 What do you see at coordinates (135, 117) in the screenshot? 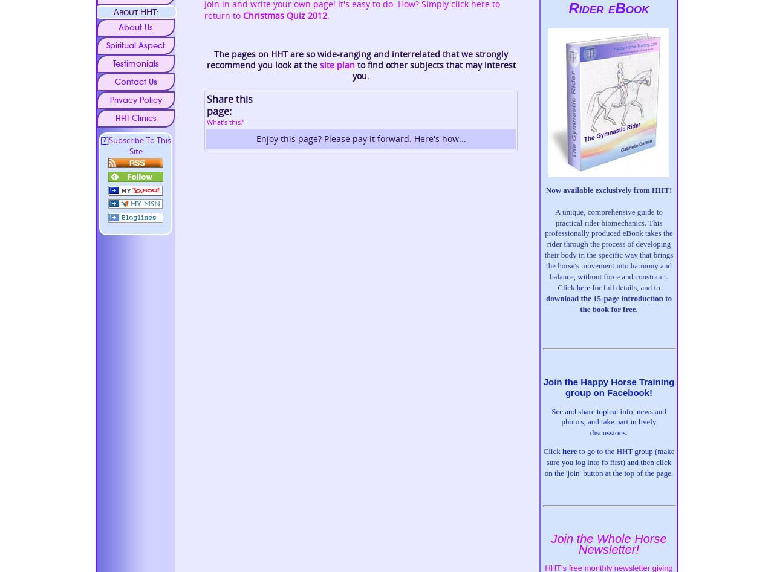
I see `'HHT Clinics'` at bounding box center [135, 117].